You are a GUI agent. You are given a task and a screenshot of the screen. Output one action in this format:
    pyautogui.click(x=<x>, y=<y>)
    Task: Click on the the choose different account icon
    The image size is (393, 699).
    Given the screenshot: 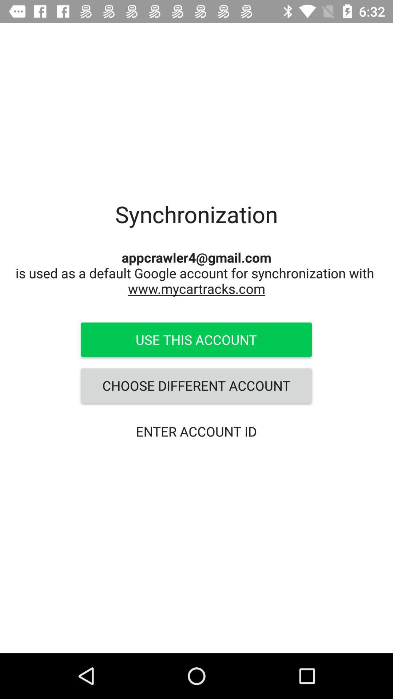 What is the action you would take?
    pyautogui.click(x=196, y=385)
    